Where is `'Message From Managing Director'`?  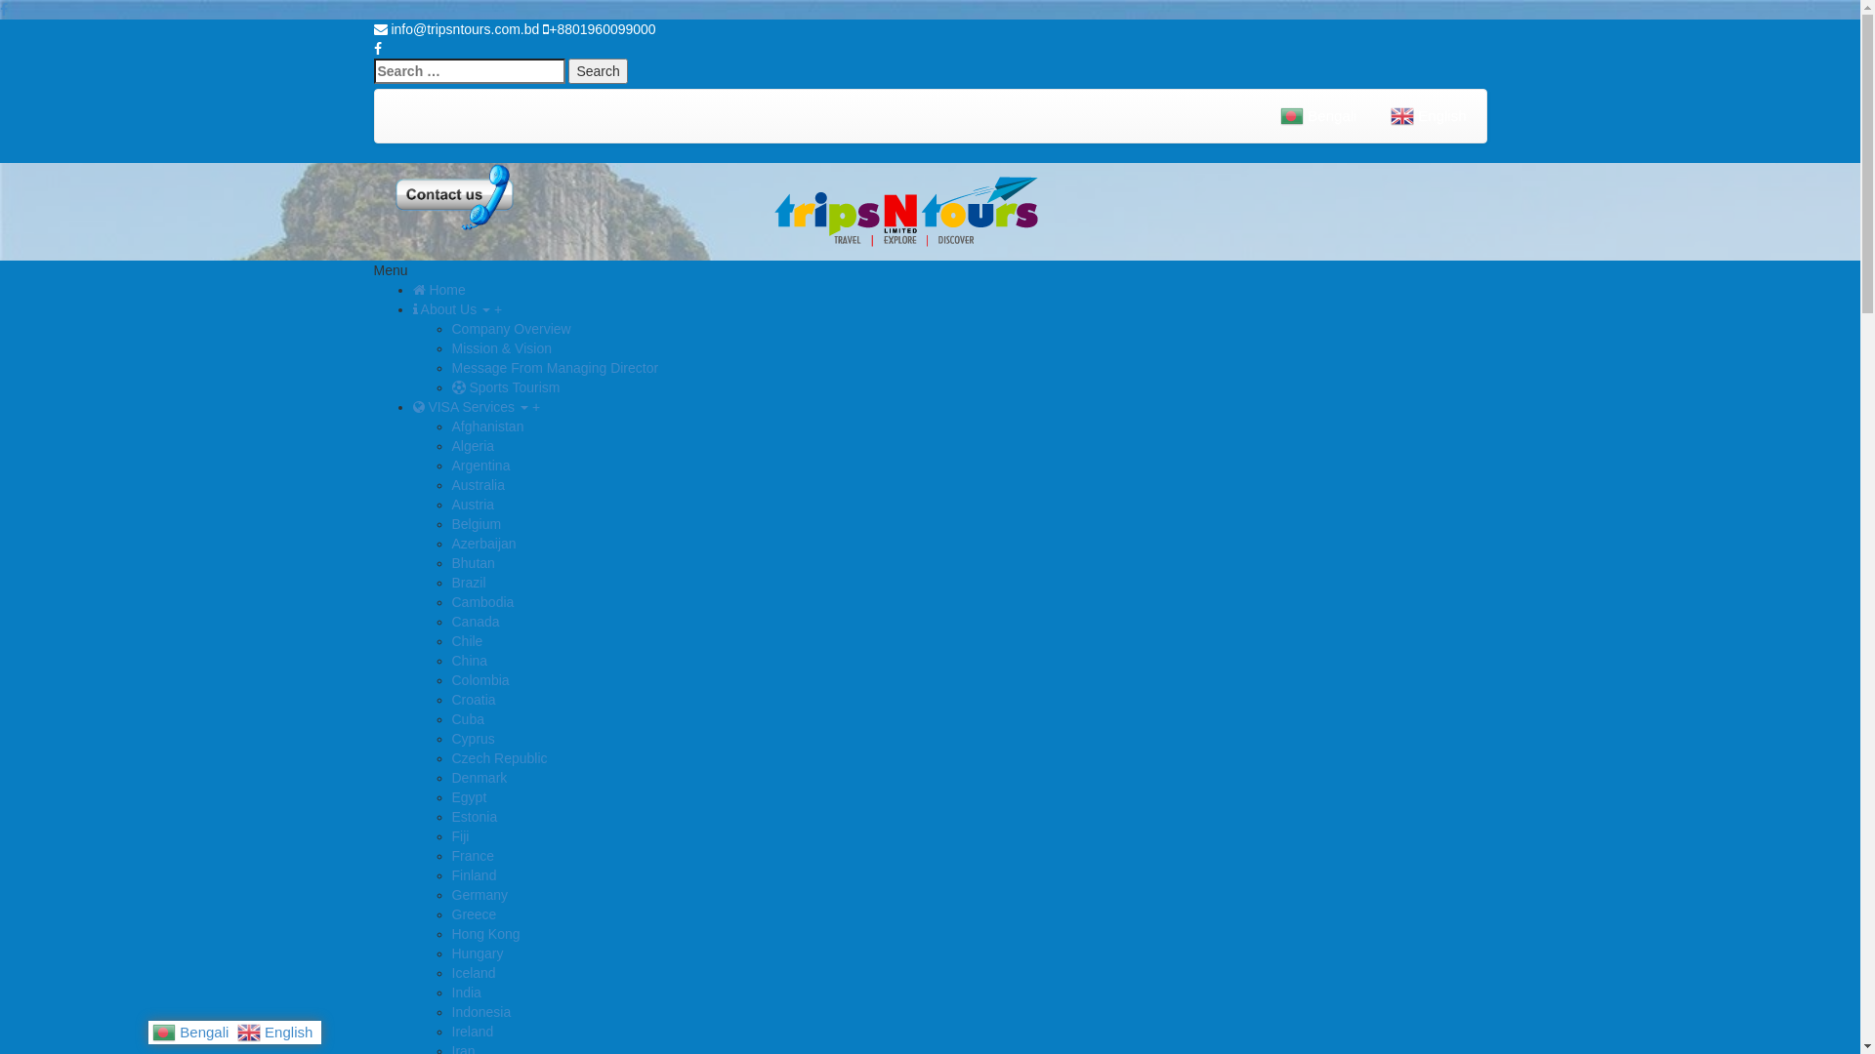 'Message From Managing Director' is located at coordinates (553, 368).